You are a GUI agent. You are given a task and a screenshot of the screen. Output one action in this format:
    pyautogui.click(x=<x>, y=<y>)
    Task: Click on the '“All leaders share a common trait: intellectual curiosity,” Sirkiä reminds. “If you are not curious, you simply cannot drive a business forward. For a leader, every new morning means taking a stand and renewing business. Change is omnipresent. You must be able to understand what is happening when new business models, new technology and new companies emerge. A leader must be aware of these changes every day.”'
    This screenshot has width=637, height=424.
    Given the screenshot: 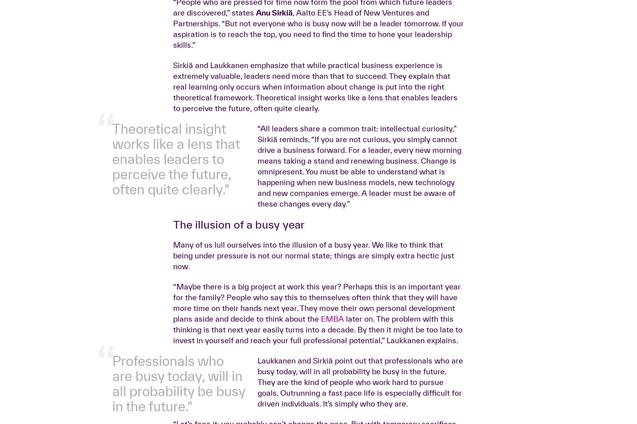 What is the action you would take?
    pyautogui.click(x=358, y=291)
    